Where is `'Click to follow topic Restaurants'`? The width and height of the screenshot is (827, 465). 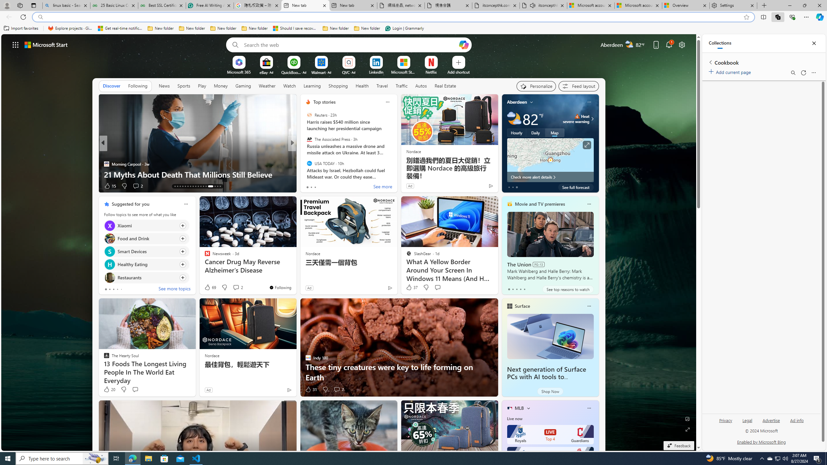 'Click to follow topic Restaurants' is located at coordinates (146, 277).